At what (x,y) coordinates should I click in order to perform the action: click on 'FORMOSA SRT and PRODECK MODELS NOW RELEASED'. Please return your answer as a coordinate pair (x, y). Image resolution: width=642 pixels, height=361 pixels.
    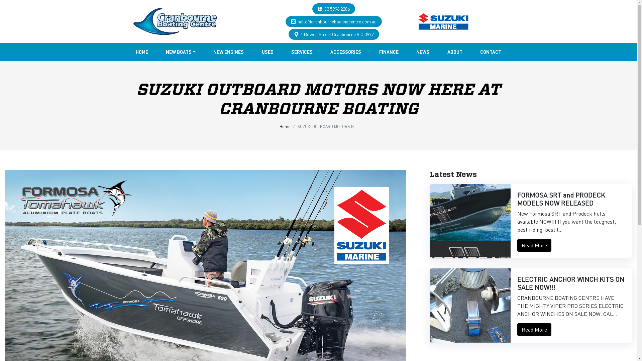
    Looking at the image, I should click on (561, 198).